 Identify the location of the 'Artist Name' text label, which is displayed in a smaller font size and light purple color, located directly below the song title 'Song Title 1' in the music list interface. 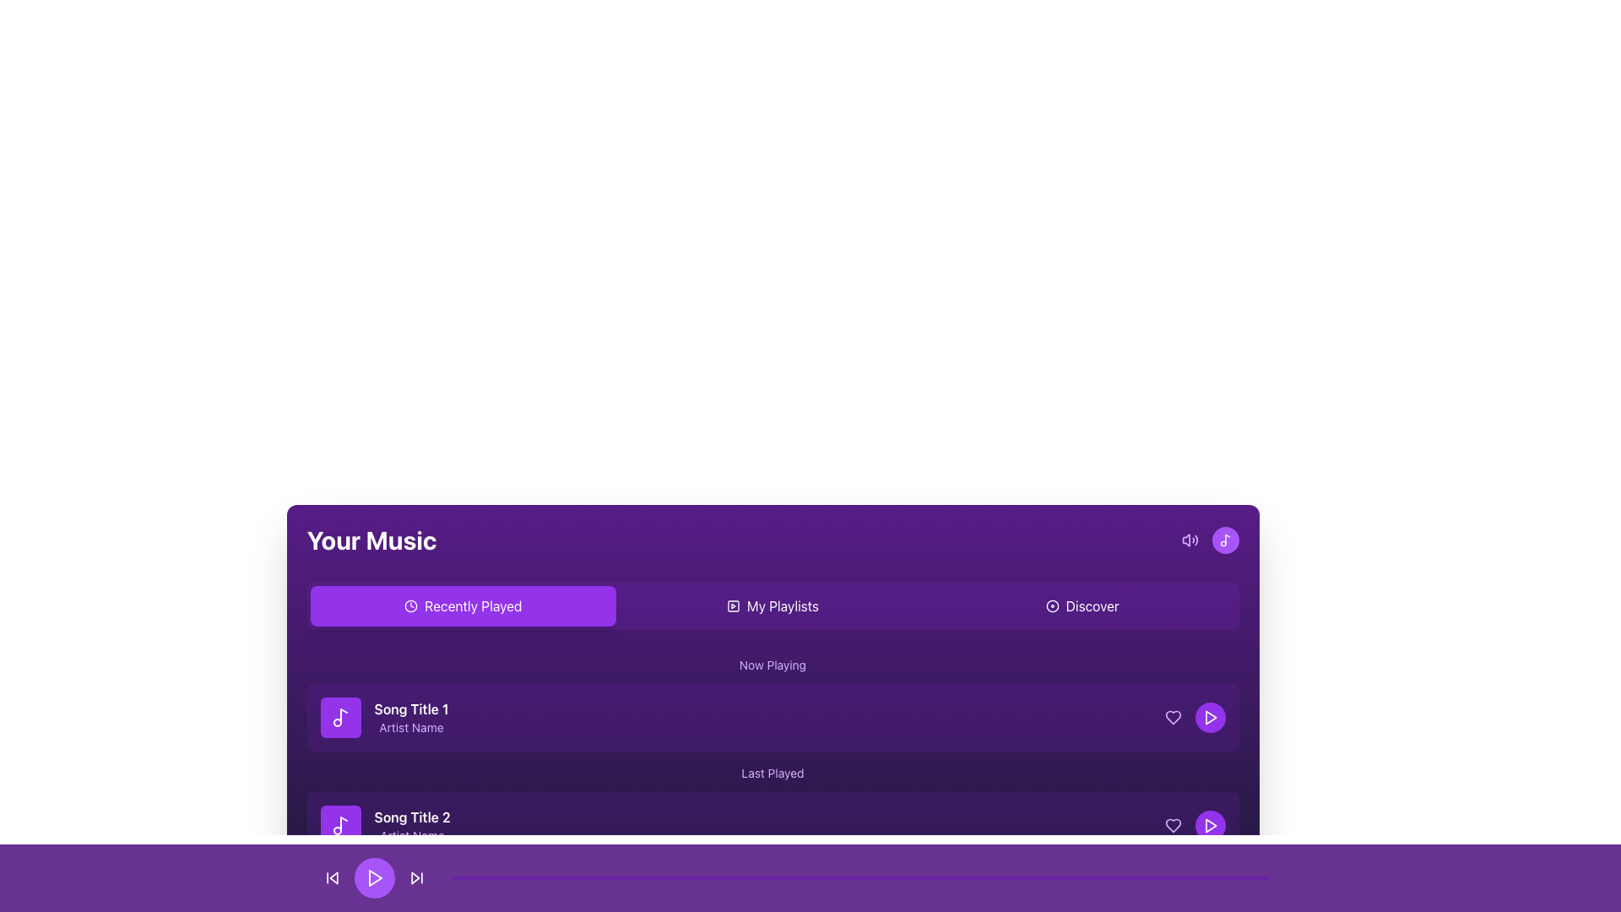
(411, 726).